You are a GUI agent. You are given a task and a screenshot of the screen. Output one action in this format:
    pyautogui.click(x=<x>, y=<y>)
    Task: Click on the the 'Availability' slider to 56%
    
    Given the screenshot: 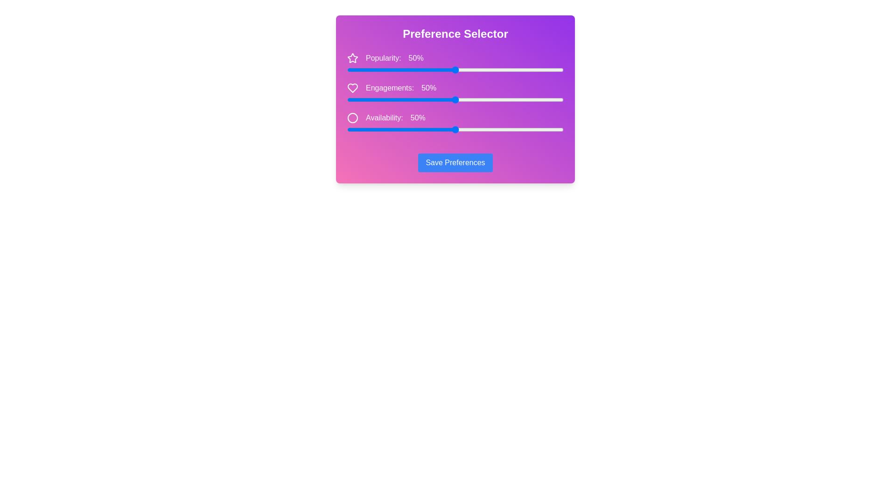 What is the action you would take?
    pyautogui.click(x=468, y=129)
    